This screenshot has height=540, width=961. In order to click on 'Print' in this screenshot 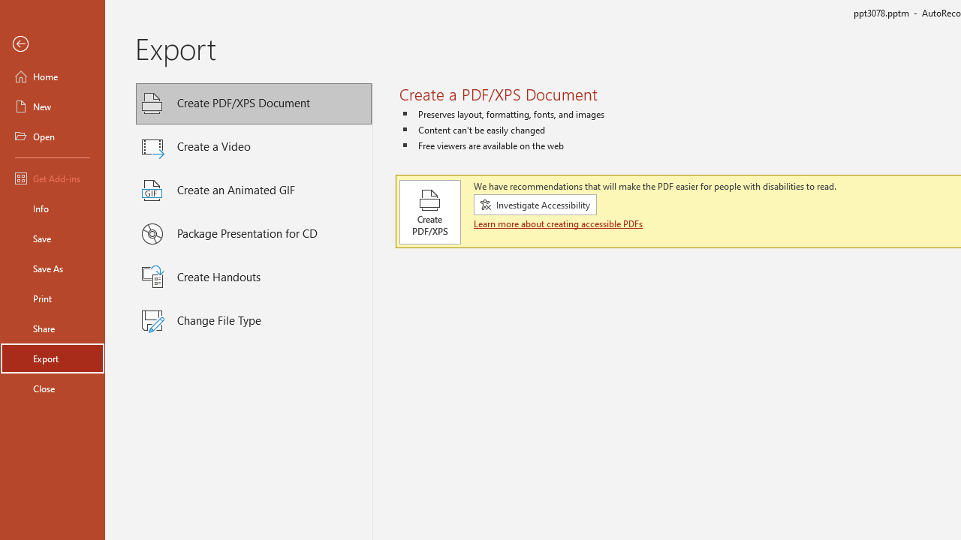, I will do `click(52, 298)`.